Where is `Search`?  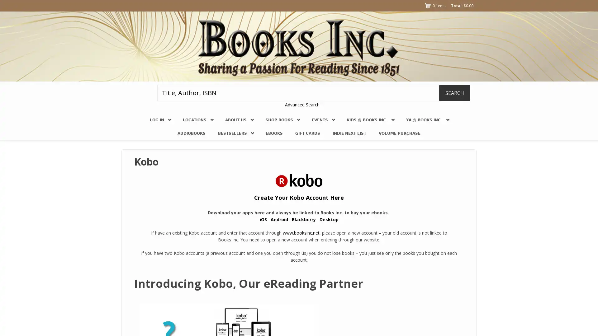
Search is located at coordinates (454, 92).